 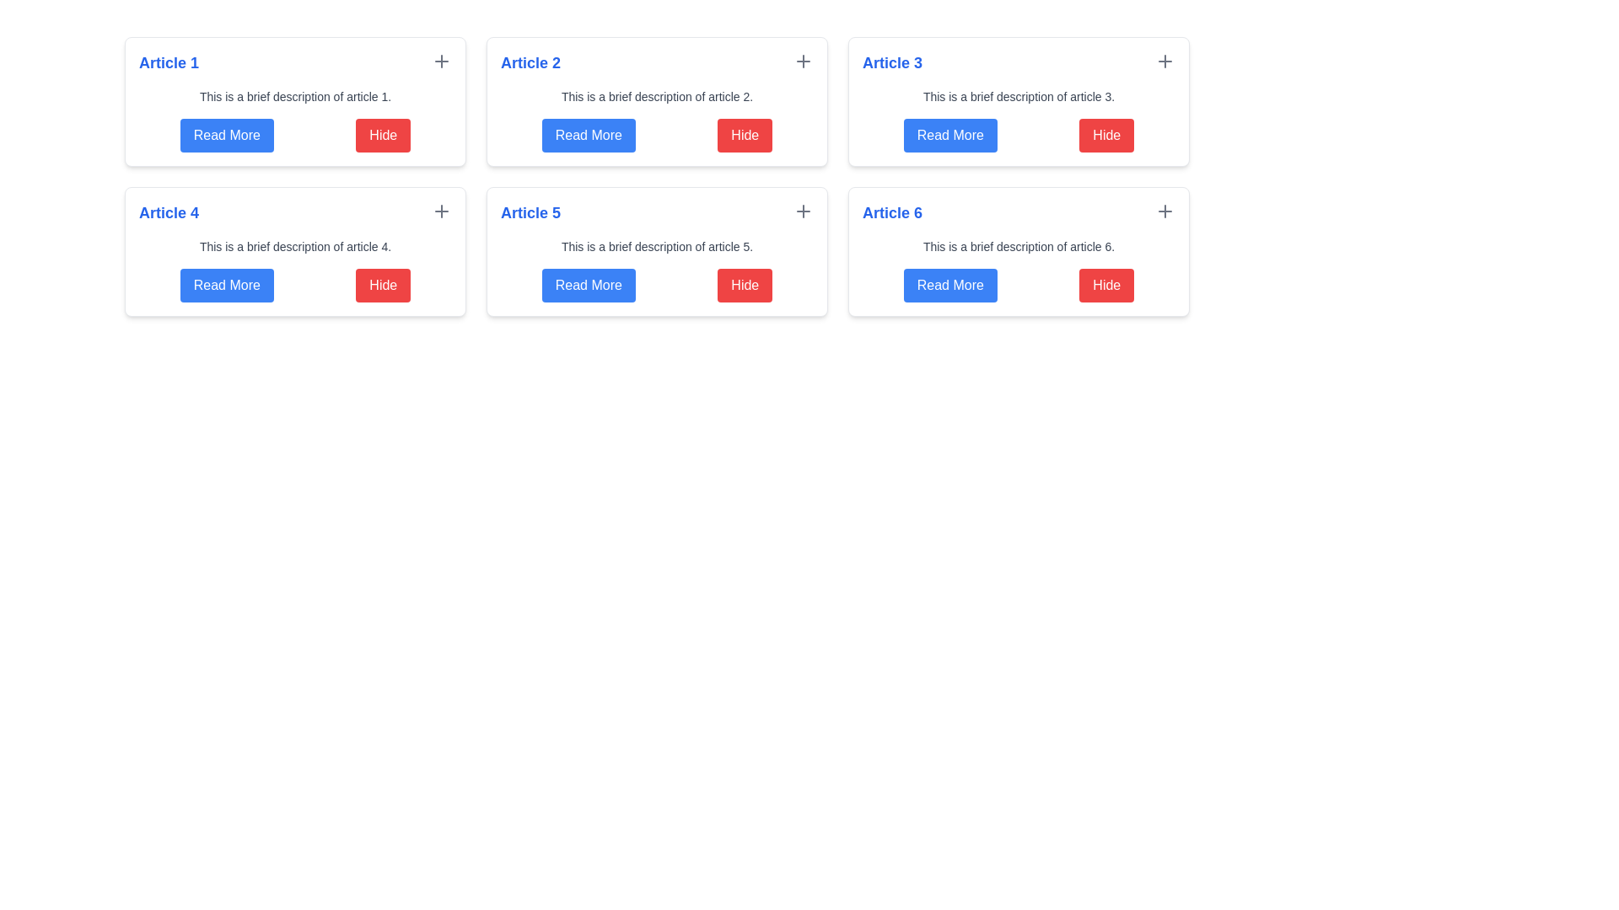 What do you see at coordinates (226, 285) in the screenshot?
I see `the button` at bounding box center [226, 285].